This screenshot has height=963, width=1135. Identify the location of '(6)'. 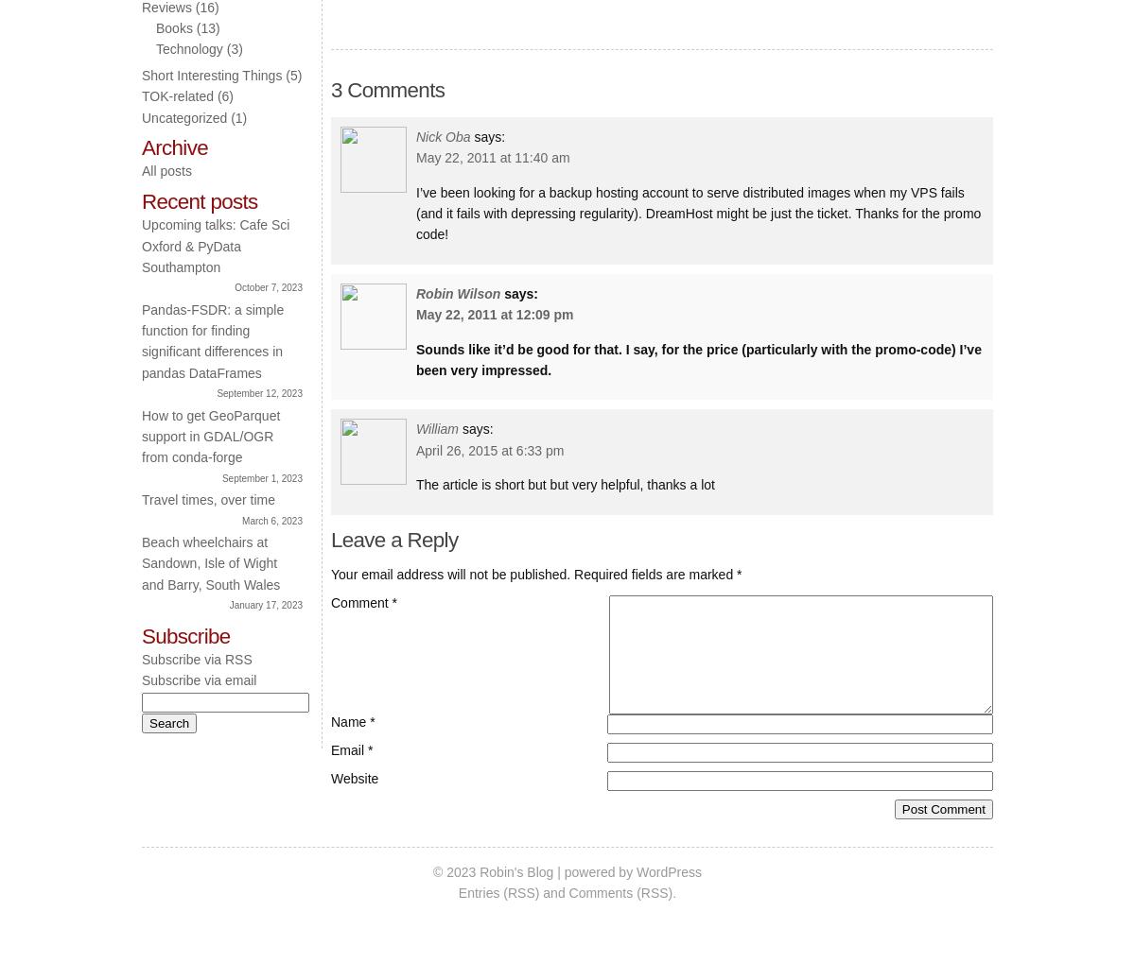
(222, 95).